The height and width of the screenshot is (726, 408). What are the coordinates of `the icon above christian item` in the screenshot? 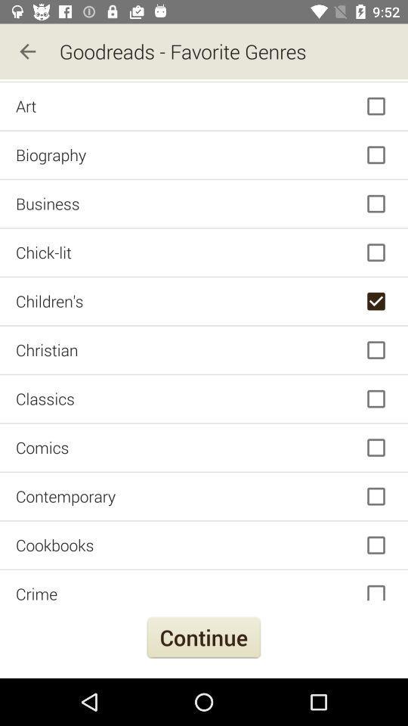 It's located at (204, 300).